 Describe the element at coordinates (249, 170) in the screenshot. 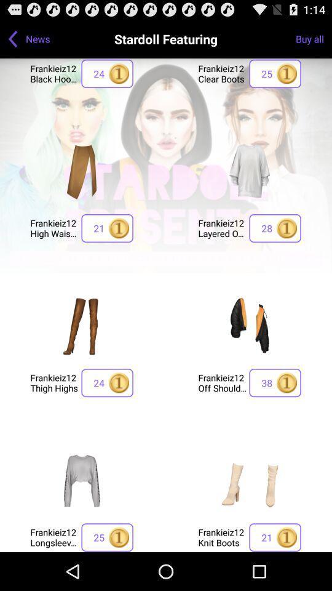

I see `this item` at that location.